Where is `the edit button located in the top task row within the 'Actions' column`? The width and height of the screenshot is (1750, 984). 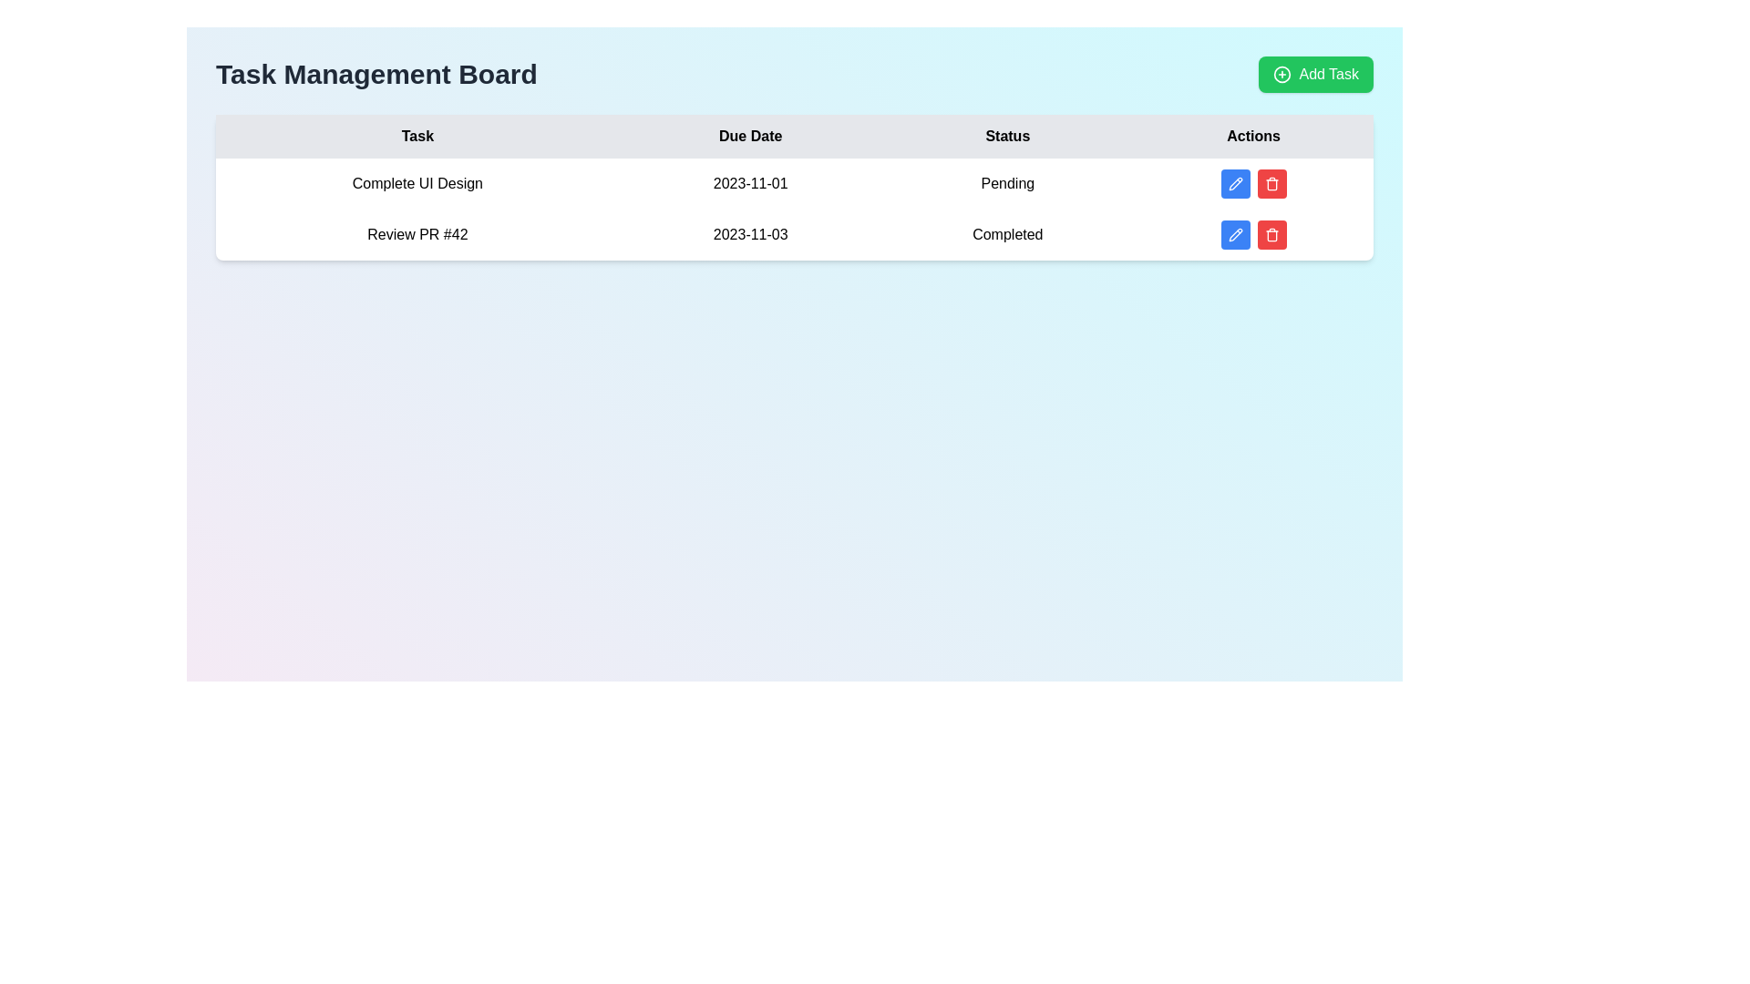 the edit button located in the top task row within the 'Actions' column is located at coordinates (1235, 183).